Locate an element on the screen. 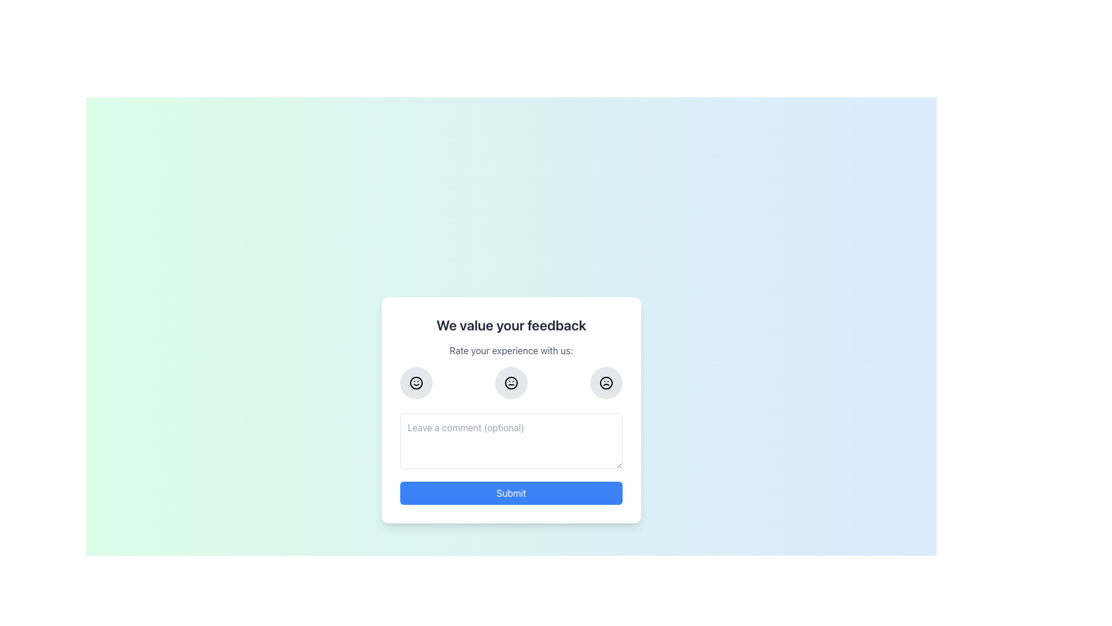 This screenshot has height=626, width=1112. the outermost circle of the smiley face icon, which represents a happy sentiment for user ratings, located on the left side of the row under 'Rate your experience with us' is located at coordinates (416, 383).